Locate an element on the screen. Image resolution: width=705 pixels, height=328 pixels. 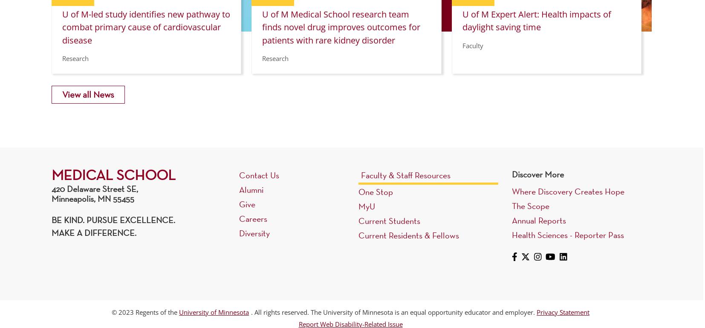
'Privacy Statement' is located at coordinates (563, 311).